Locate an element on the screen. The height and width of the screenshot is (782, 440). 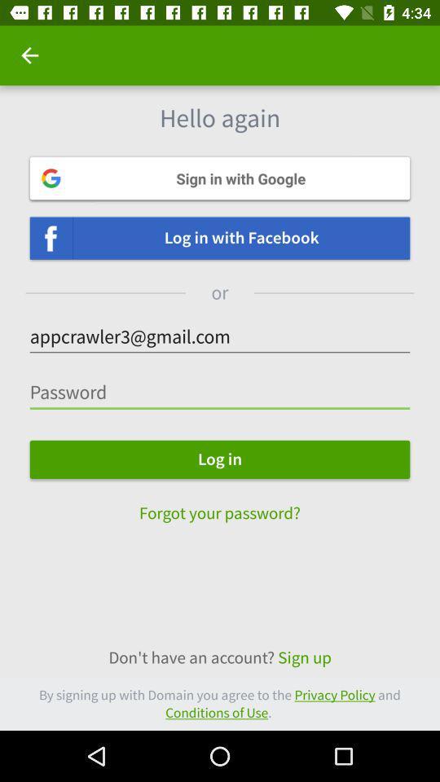
the icon below the appcrawler3@gmail.com is located at coordinates (220, 392).